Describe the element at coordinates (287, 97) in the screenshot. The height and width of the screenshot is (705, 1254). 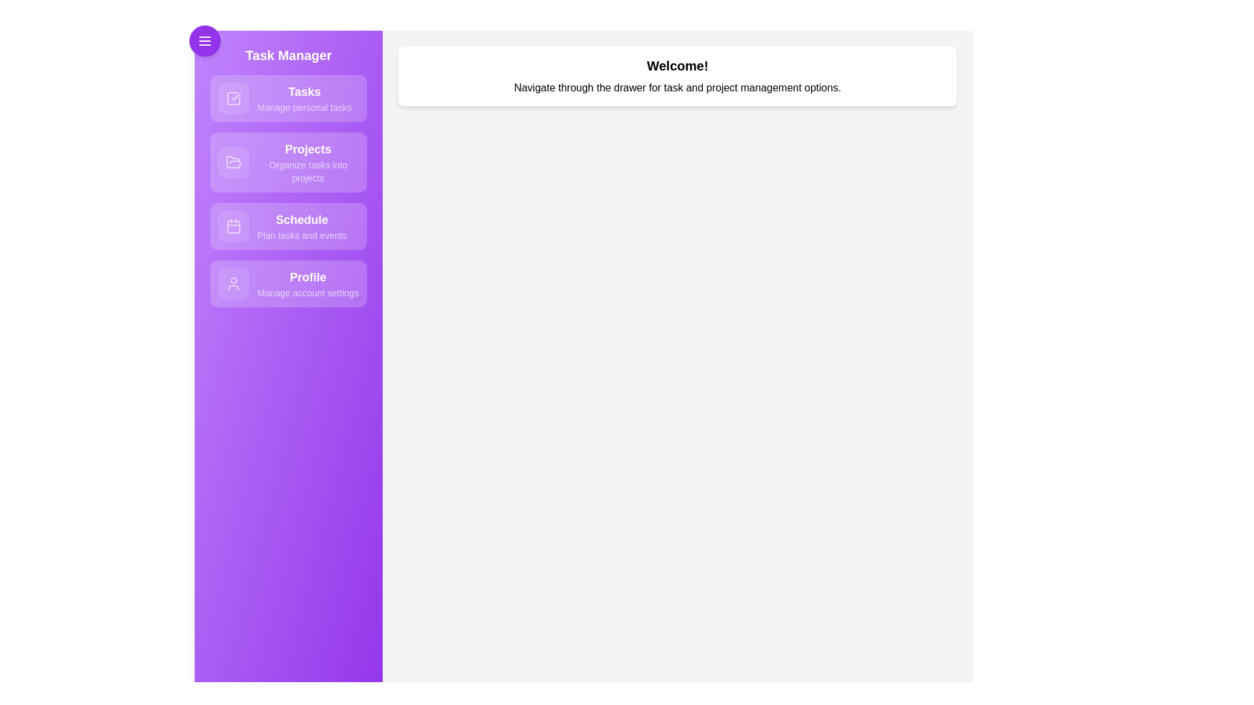
I see `the navigation item labeled 'Tasks' to observe its hover effect` at that location.